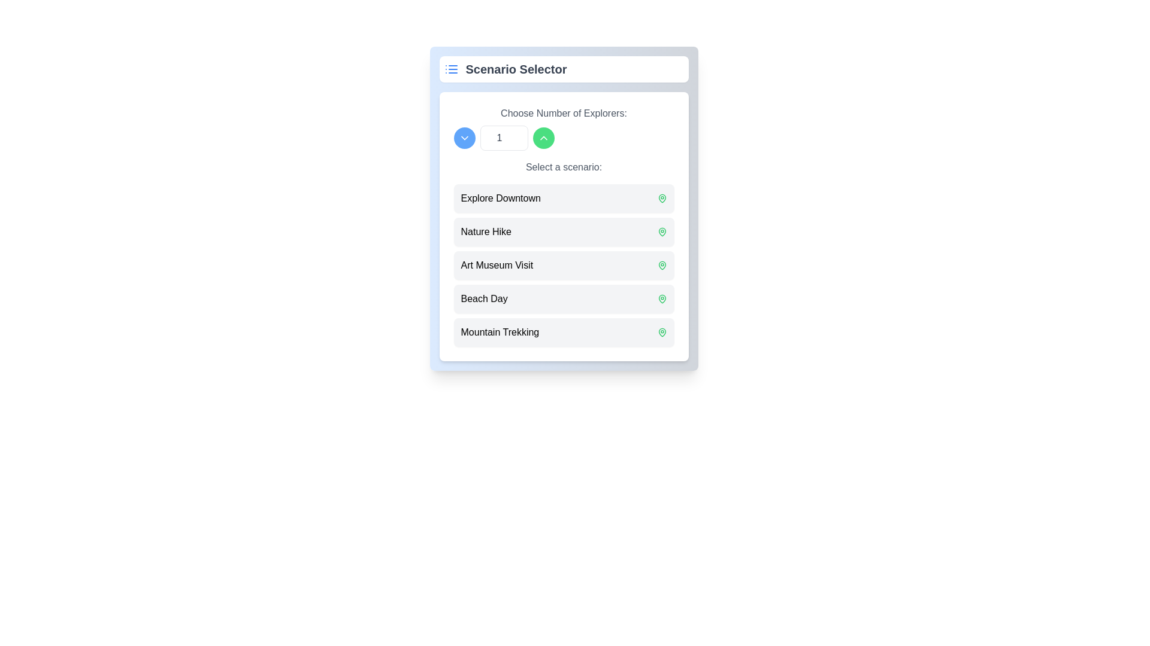  Describe the element at coordinates (661, 332) in the screenshot. I see `the green map pin icon located within the 'Mountain Trekking' option, which is aligned to the right side of the text label in the vertical list of selectable options` at that location.